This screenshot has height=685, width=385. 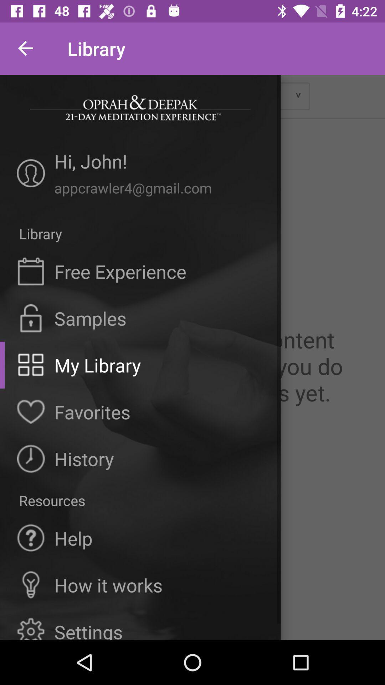 What do you see at coordinates (83, 458) in the screenshot?
I see `the history` at bounding box center [83, 458].